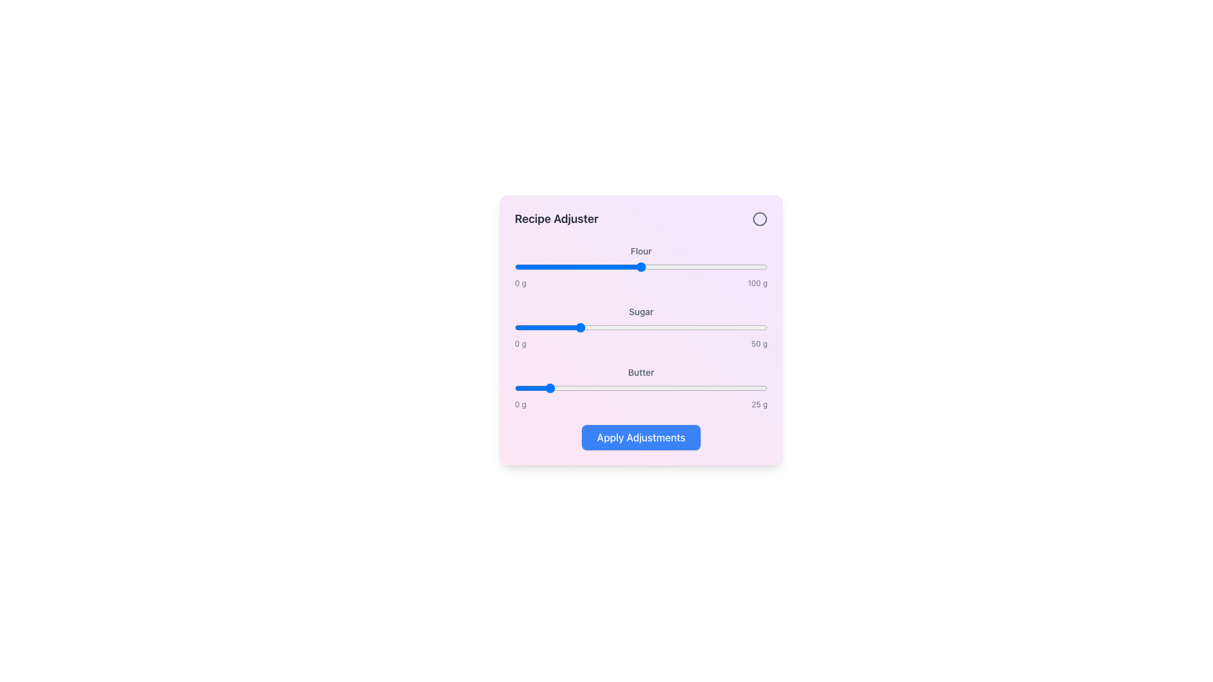  What do you see at coordinates (703, 266) in the screenshot?
I see `the flour amount` at bounding box center [703, 266].